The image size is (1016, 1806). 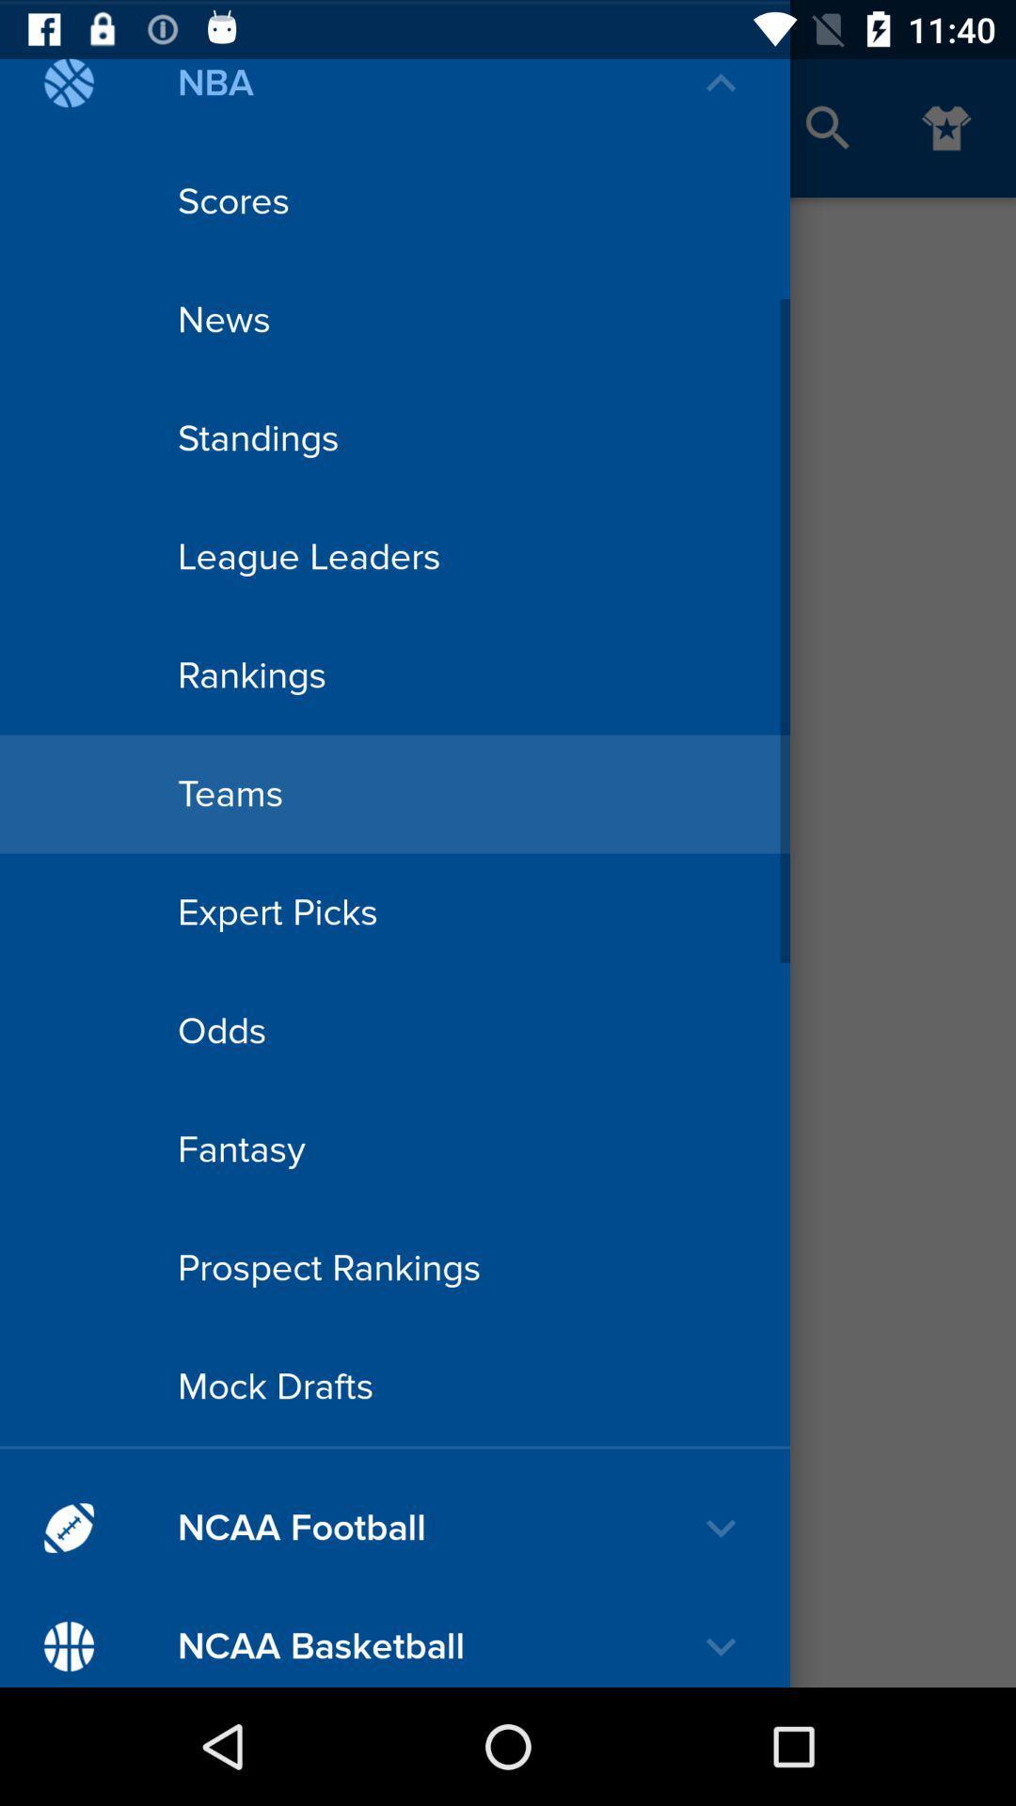 I want to click on the search icon, so click(x=827, y=127).